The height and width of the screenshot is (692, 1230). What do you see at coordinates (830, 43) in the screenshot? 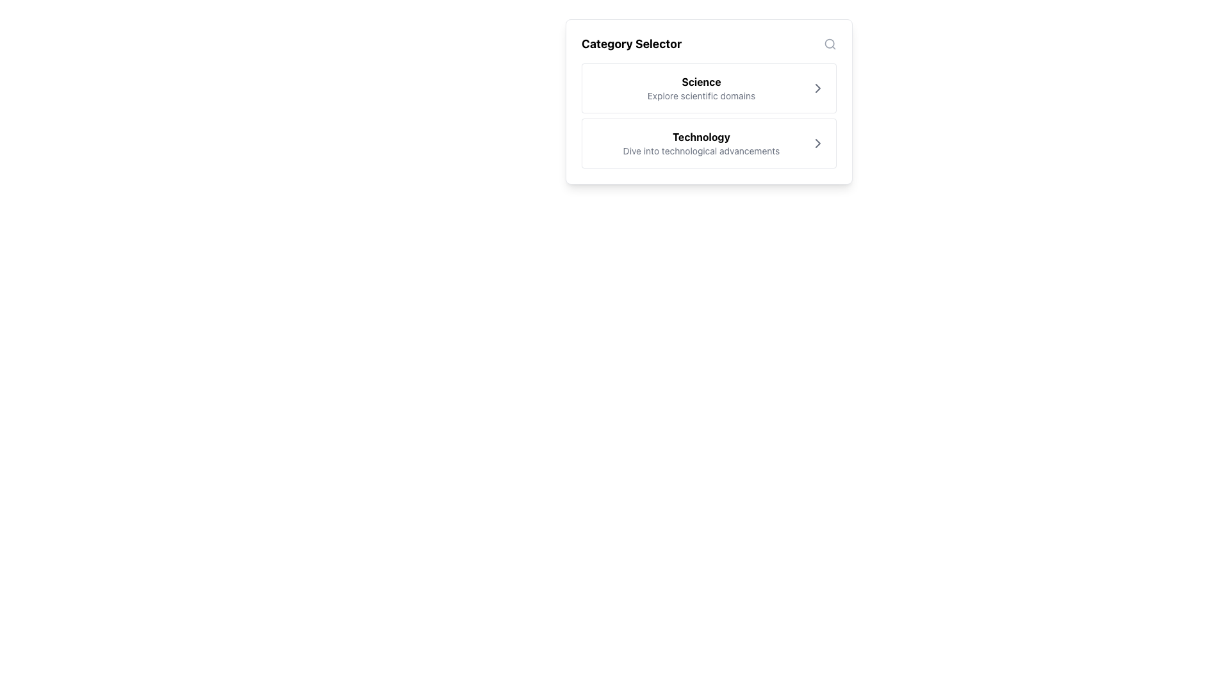
I see `the circular decorative element representing part of the search icon, located near the title 'Category Selector'` at bounding box center [830, 43].